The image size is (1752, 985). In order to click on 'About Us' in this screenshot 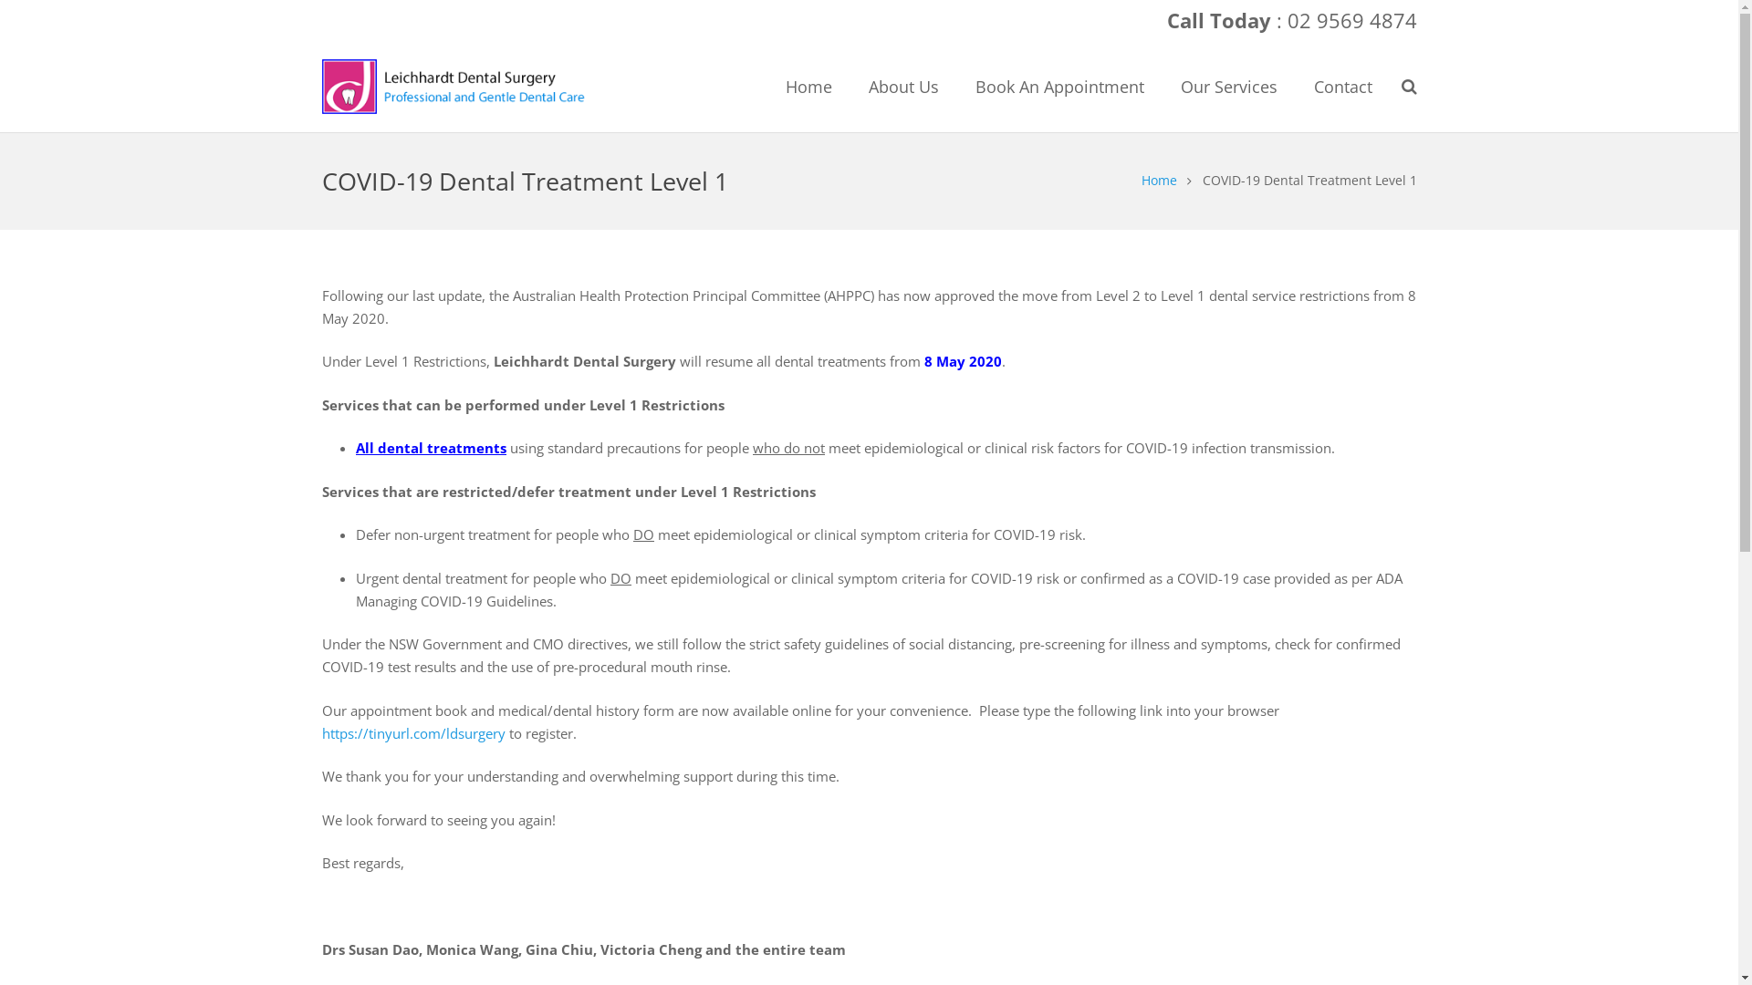, I will do `click(903, 87)`.